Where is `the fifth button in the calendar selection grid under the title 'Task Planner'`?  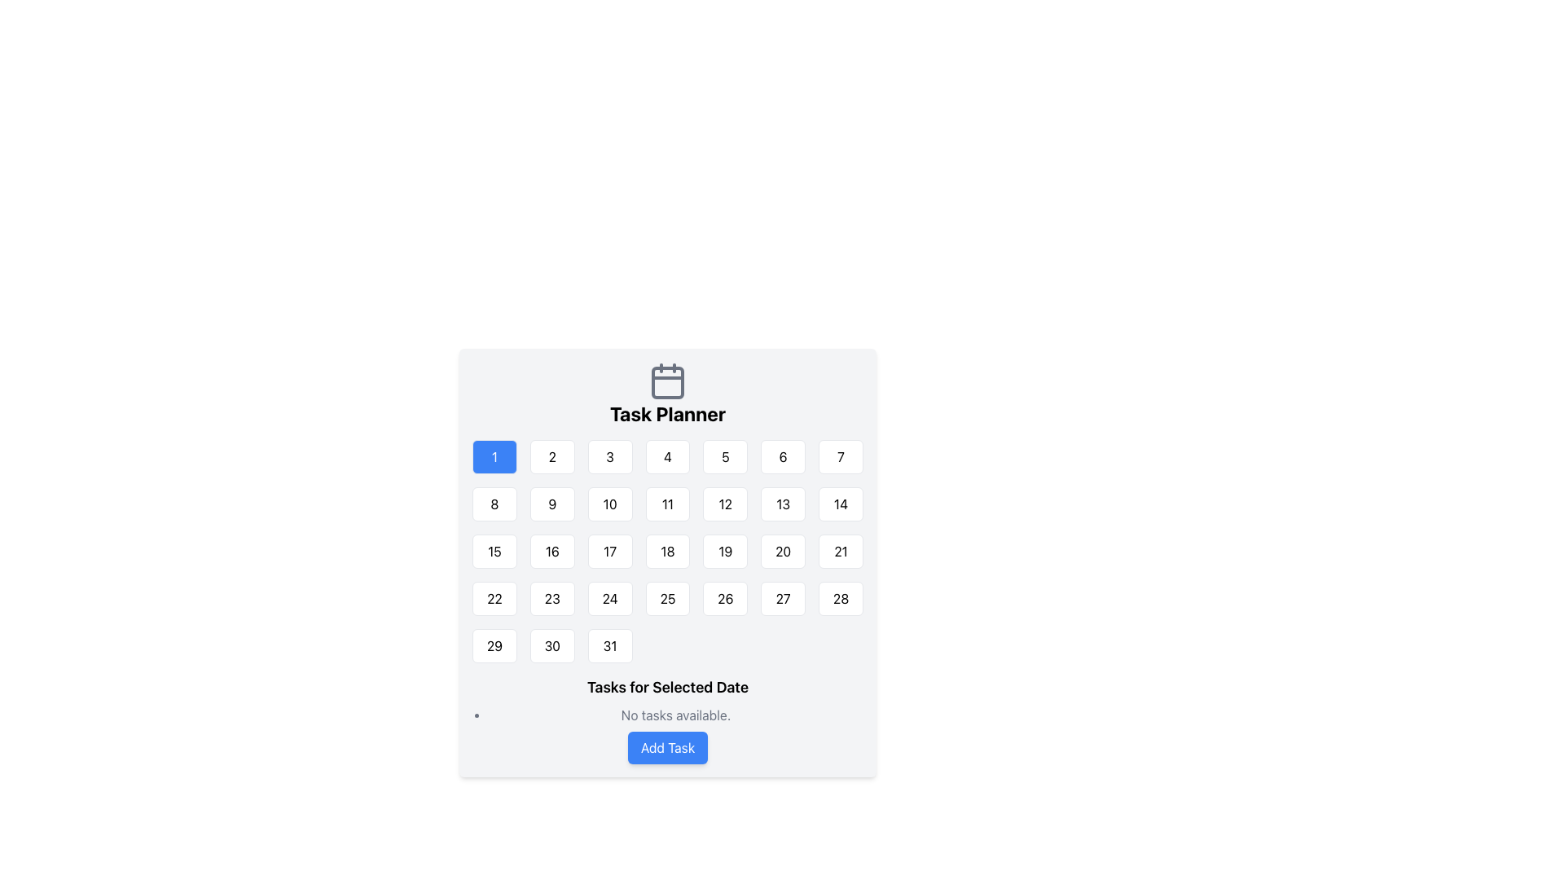 the fifth button in the calendar selection grid under the title 'Task Planner' is located at coordinates (724, 456).